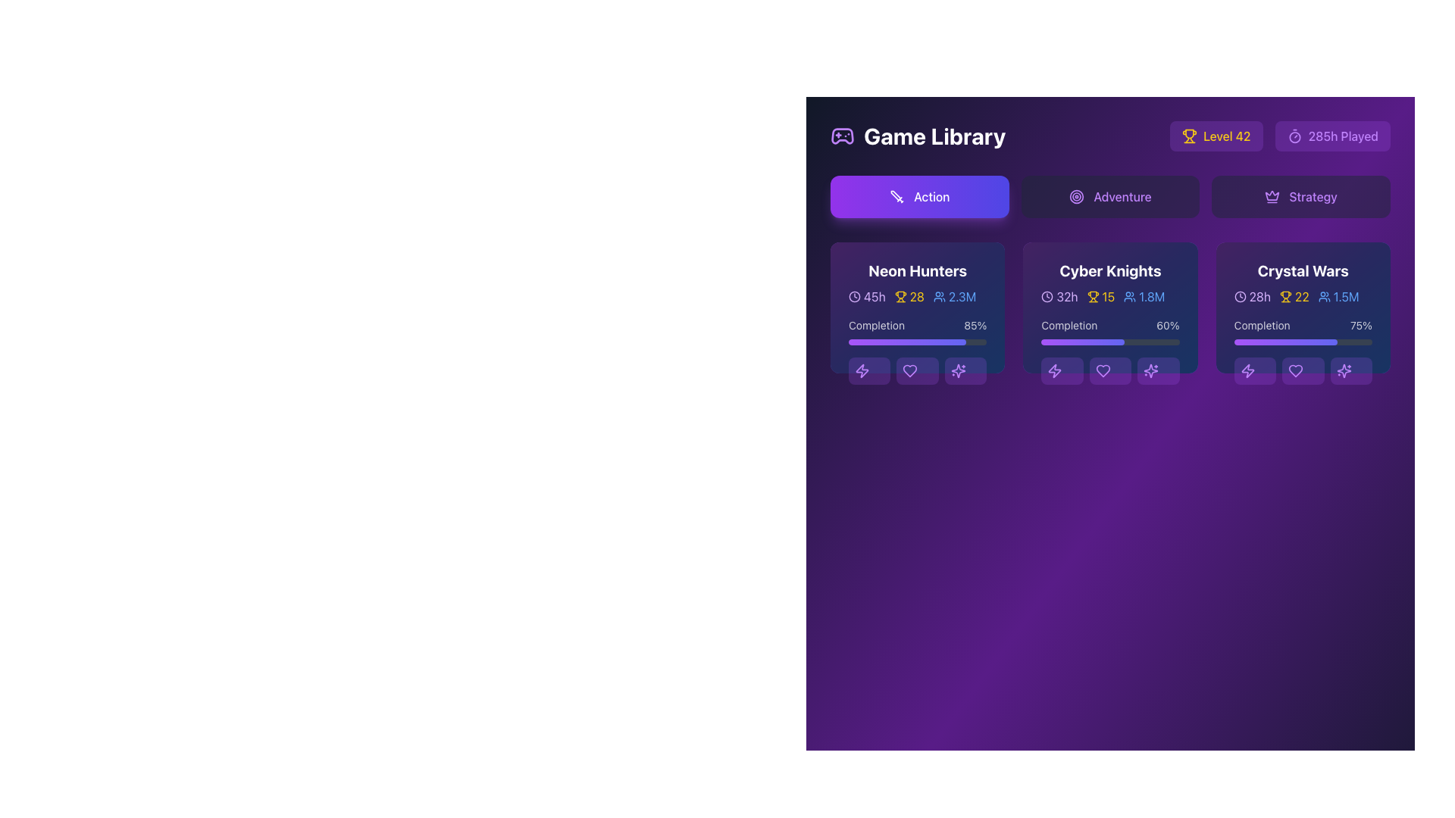 Image resolution: width=1455 pixels, height=818 pixels. I want to click on the second star-like decorative graphical icon located at the bottom-right corner of the 'Cyber Knights' card to enhance visual appeal, so click(1151, 370).